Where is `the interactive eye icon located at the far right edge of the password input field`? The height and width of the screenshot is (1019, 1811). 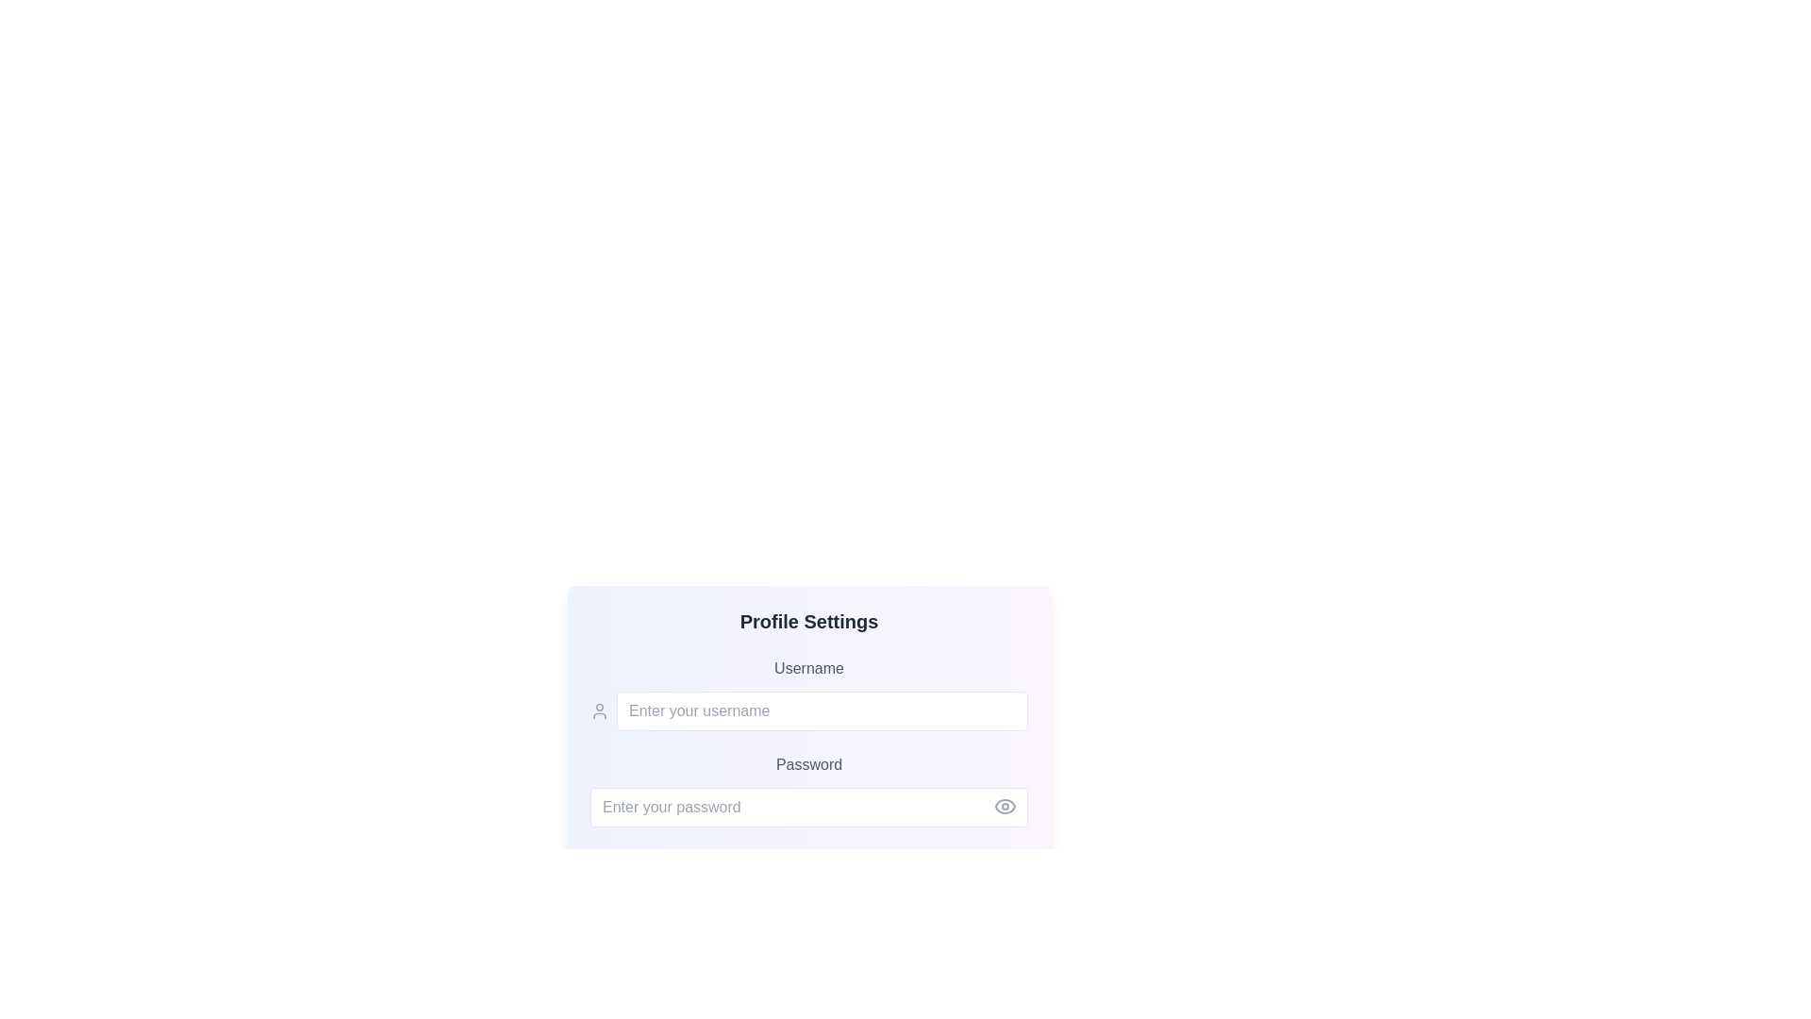 the interactive eye icon located at the far right edge of the password input field is located at coordinates (1004, 807).